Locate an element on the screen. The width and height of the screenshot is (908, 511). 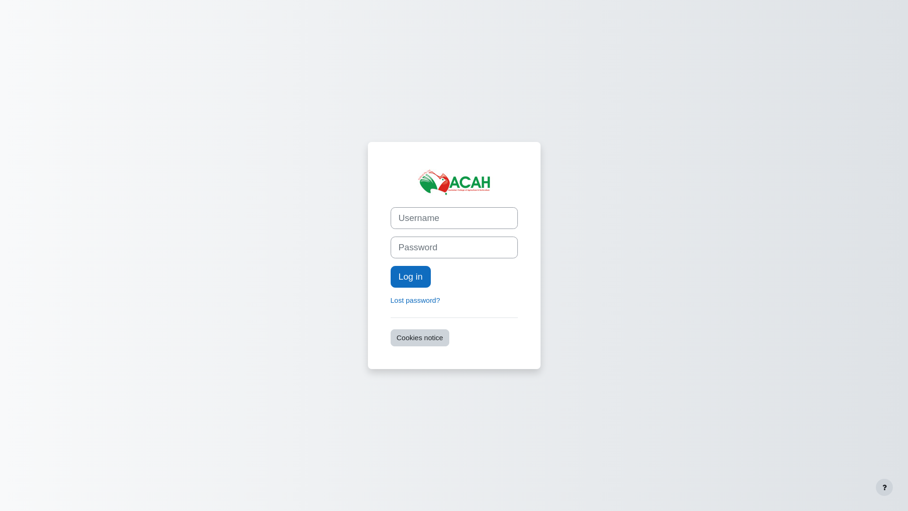
'Cookies notice' is located at coordinates (419, 337).